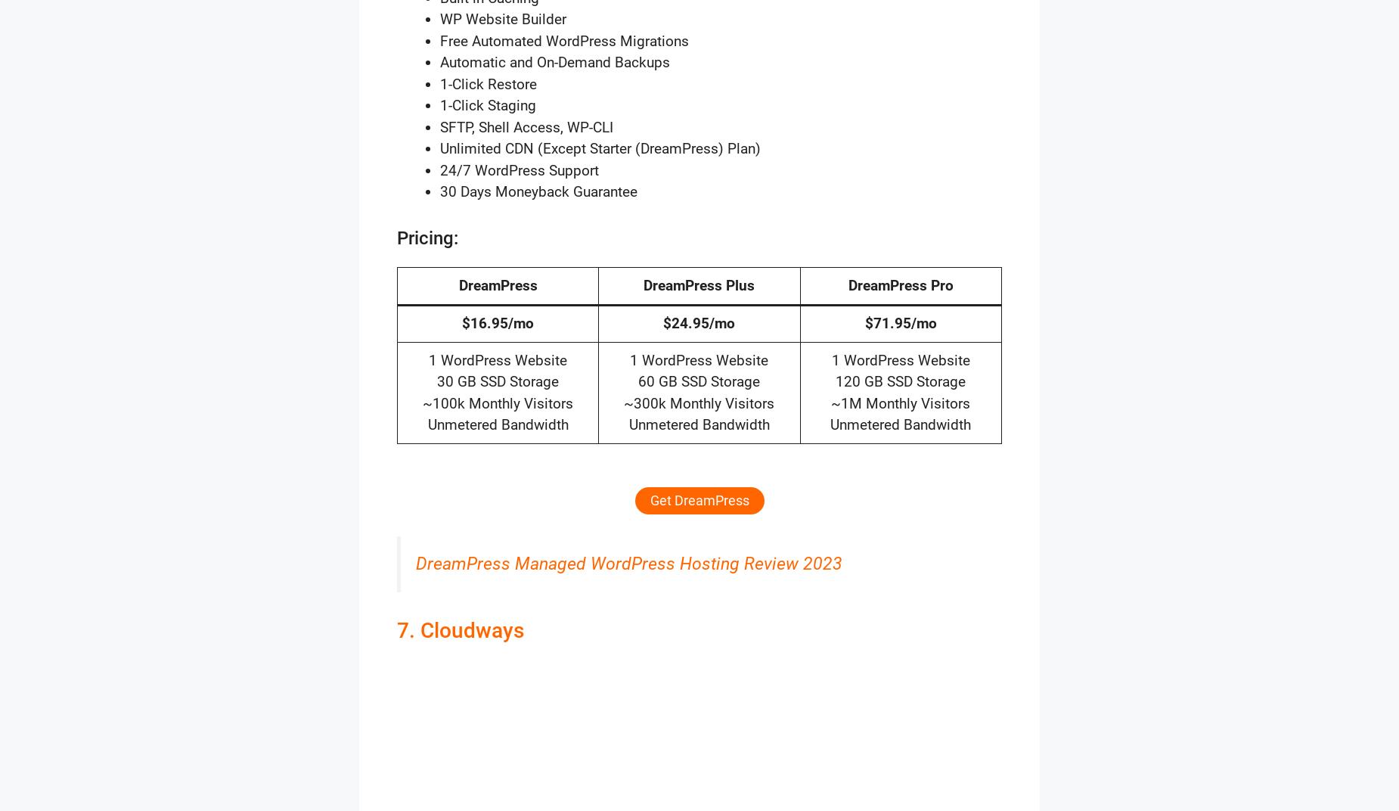 The height and width of the screenshot is (811, 1399). Describe the element at coordinates (699, 284) in the screenshot. I see `'DreamPress Plus'` at that location.